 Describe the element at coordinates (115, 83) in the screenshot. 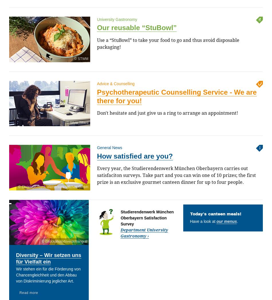

I see `'Advice & Counselling'` at that location.